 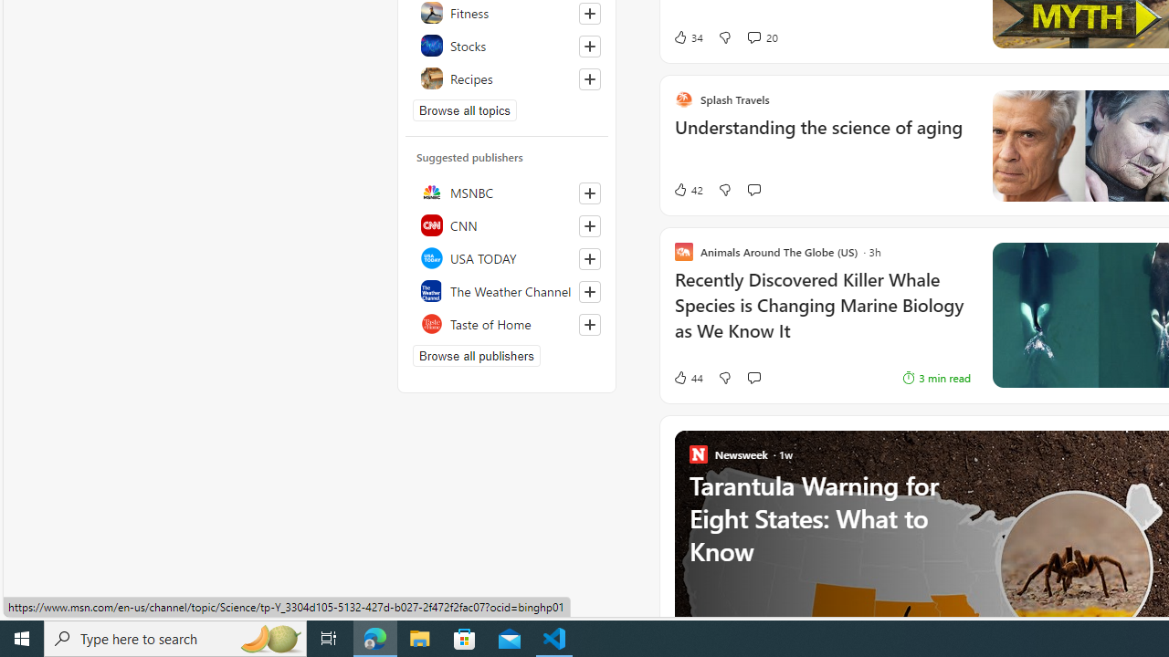 I want to click on 'Taste of Home', so click(x=507, y=322).